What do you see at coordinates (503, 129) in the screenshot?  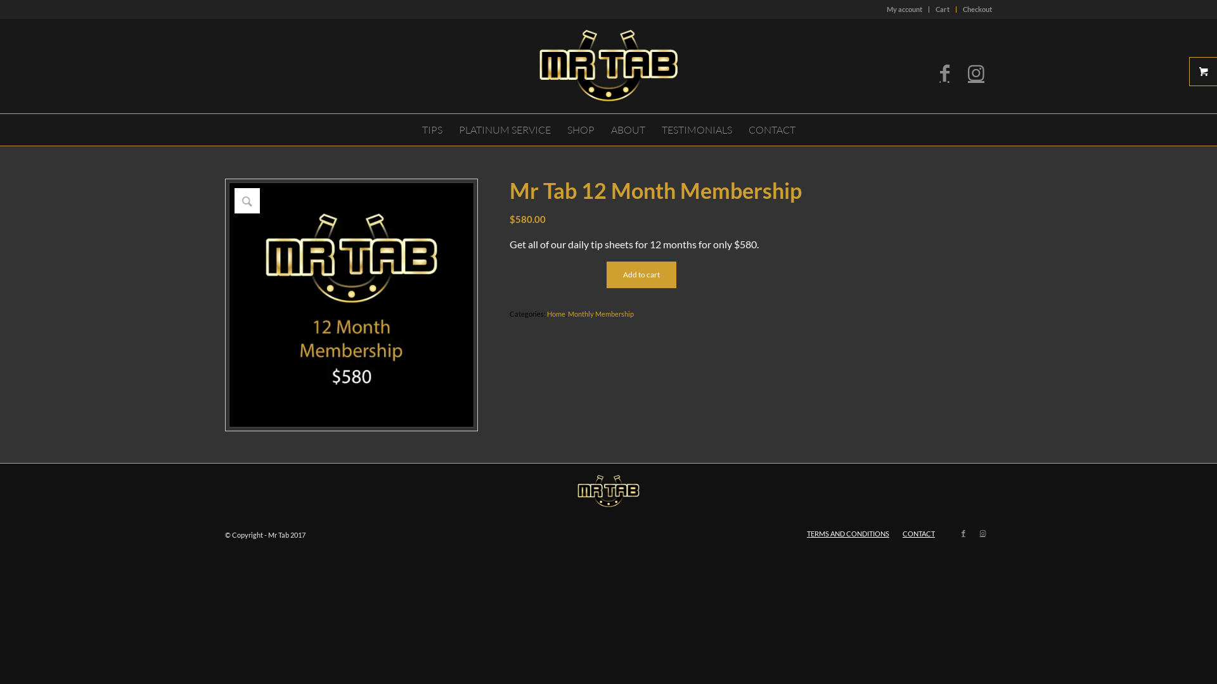 I see `'PLATINUM SERVICE'` at bounding box center [503, 129].